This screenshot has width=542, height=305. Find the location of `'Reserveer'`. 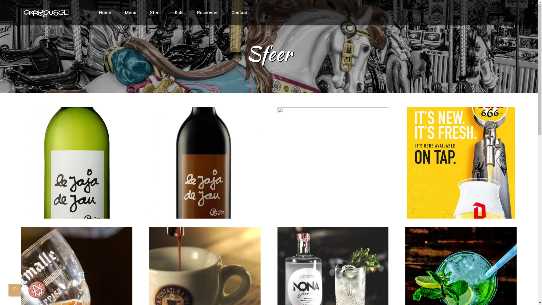

'Reserveer' is located at coordinates (190, 13).